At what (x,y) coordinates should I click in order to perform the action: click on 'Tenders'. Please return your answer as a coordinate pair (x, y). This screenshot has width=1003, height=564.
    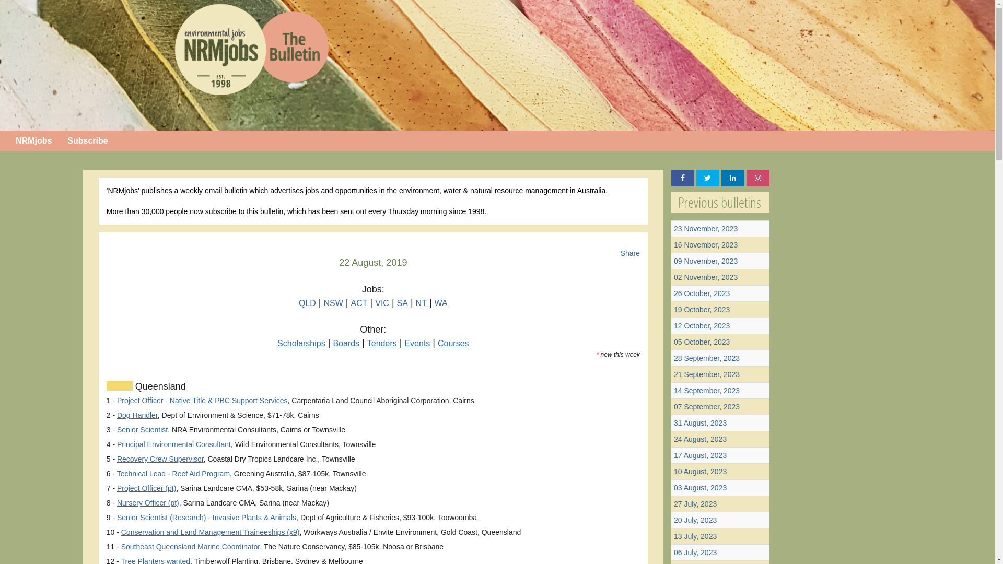
    Looking at the image, I should click on (367, 343).